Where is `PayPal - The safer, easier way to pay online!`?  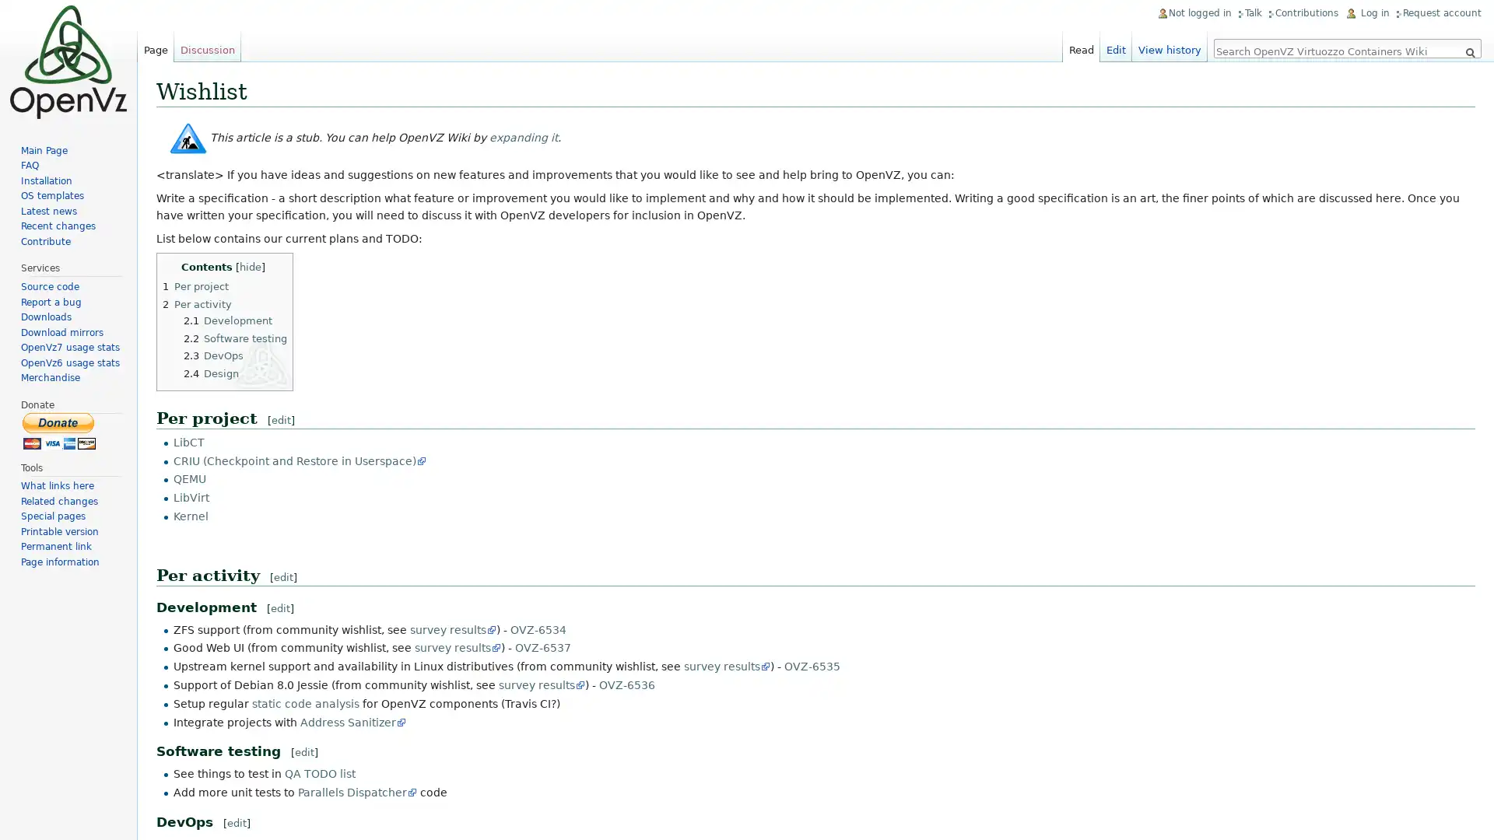
PayPal - The safer, easier way to pay online! is located at coordinates (59, 430).